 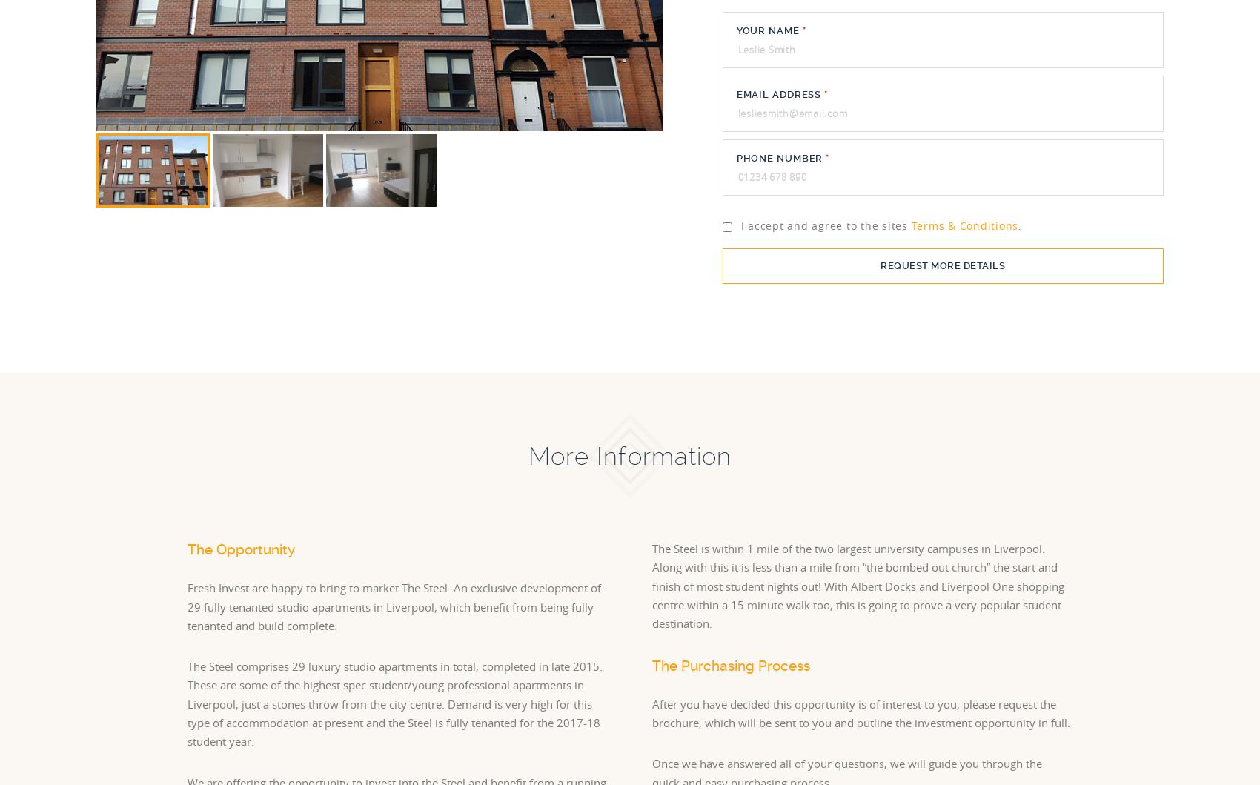 What do you see at coordinates (528, 454) in the screenshot?
I see `'More Information'` at bounding box center [528, 454].